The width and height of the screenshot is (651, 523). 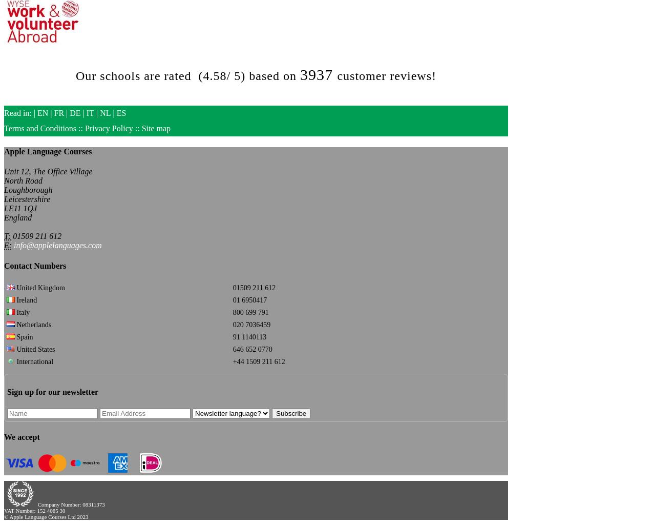 I want to click on '5', so click(x=237, y=75).